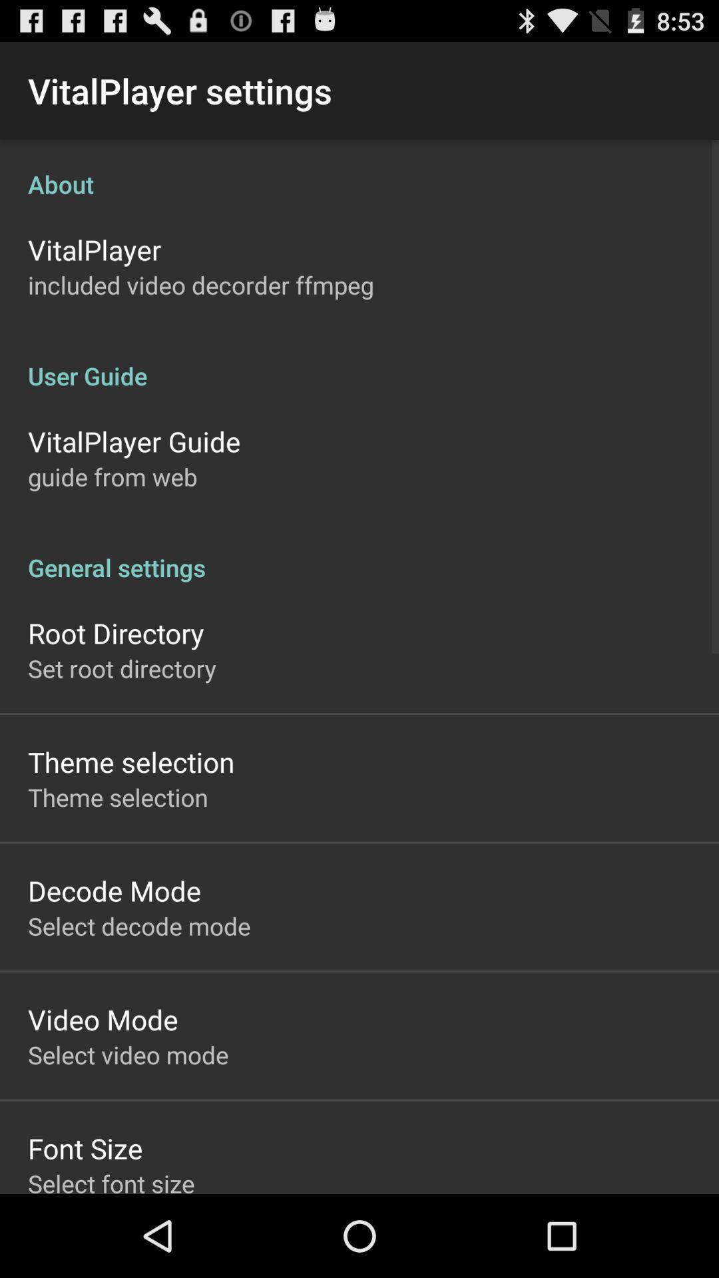  Describe the element at coordinates (359, 169) in the screenshot. I see `app above vitalplayer item` at that location.